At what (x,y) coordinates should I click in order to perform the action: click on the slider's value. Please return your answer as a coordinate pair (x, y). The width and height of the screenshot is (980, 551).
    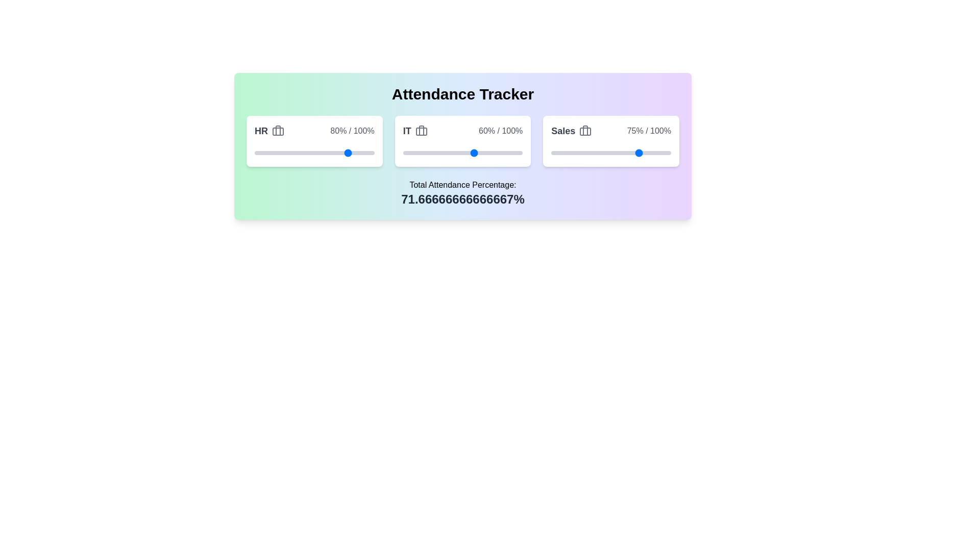
    Looking at the image, I should click on (669, 153).